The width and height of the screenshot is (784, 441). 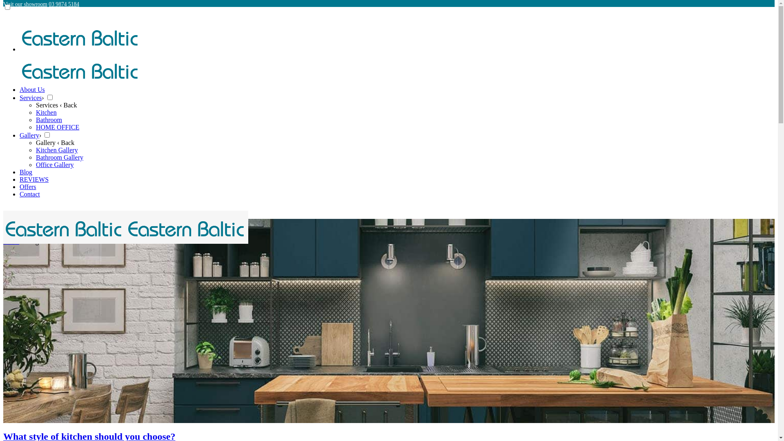 I want to click on 'HOME OFFICE', so click(x=57, y=127).